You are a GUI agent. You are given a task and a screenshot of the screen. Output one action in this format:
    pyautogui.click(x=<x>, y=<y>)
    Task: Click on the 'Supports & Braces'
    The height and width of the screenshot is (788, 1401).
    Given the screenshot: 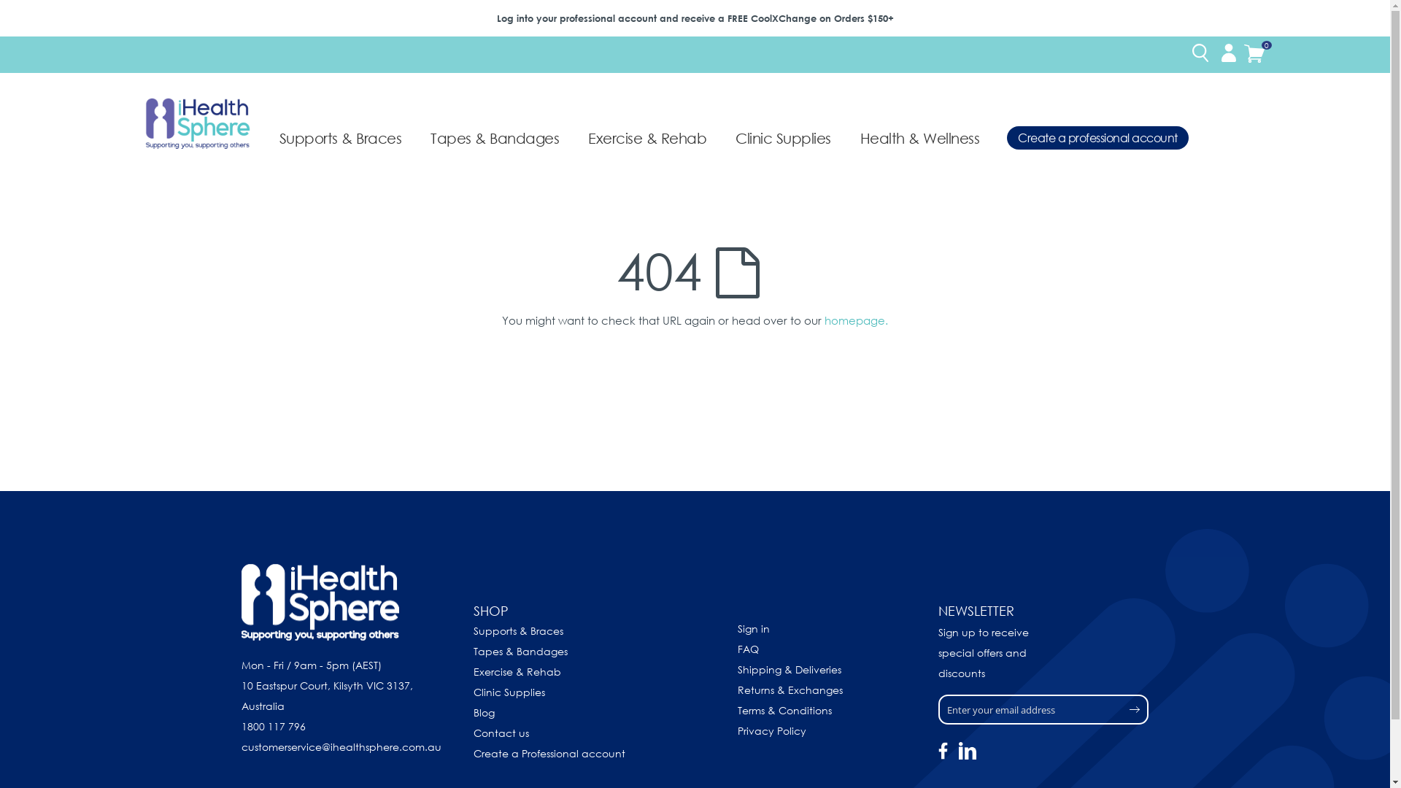 What is the action you would take?
    pyautogui.click(x=518, y=630)
    